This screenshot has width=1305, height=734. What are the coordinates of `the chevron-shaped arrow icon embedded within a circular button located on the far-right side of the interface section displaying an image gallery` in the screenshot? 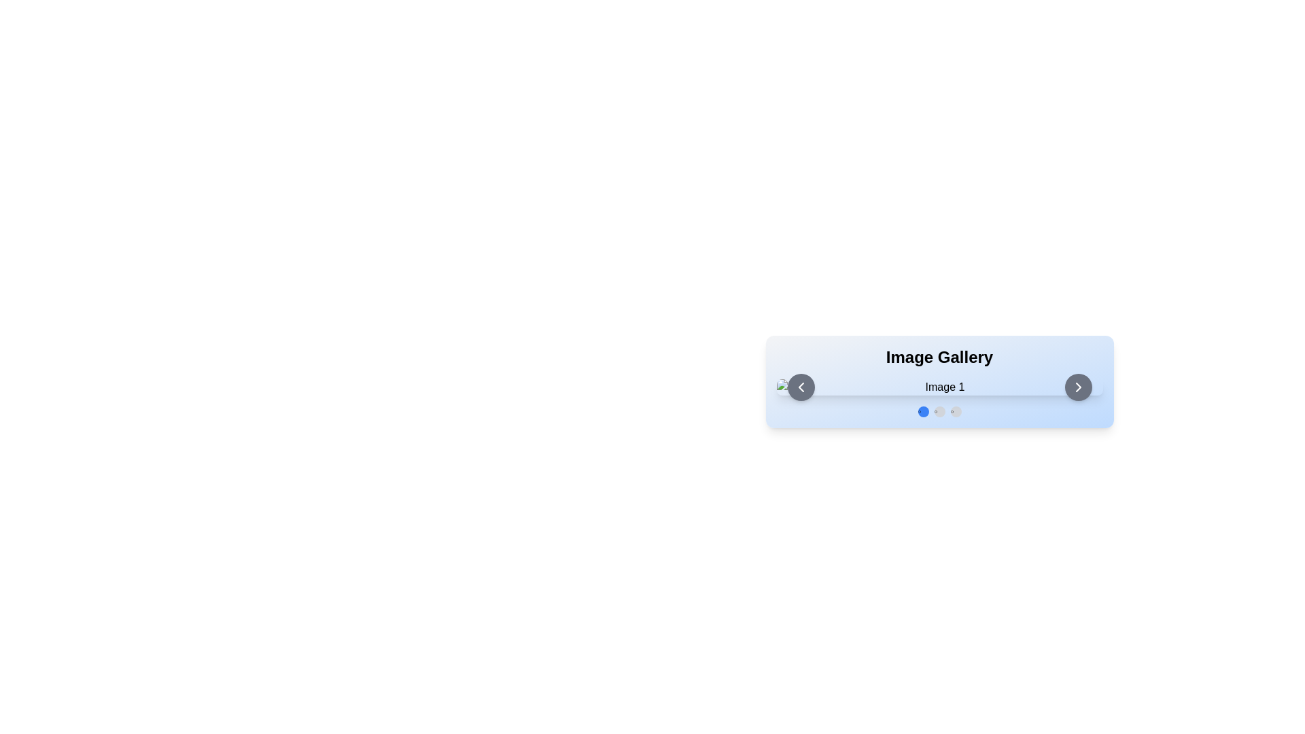 It's located at (1077, 387).